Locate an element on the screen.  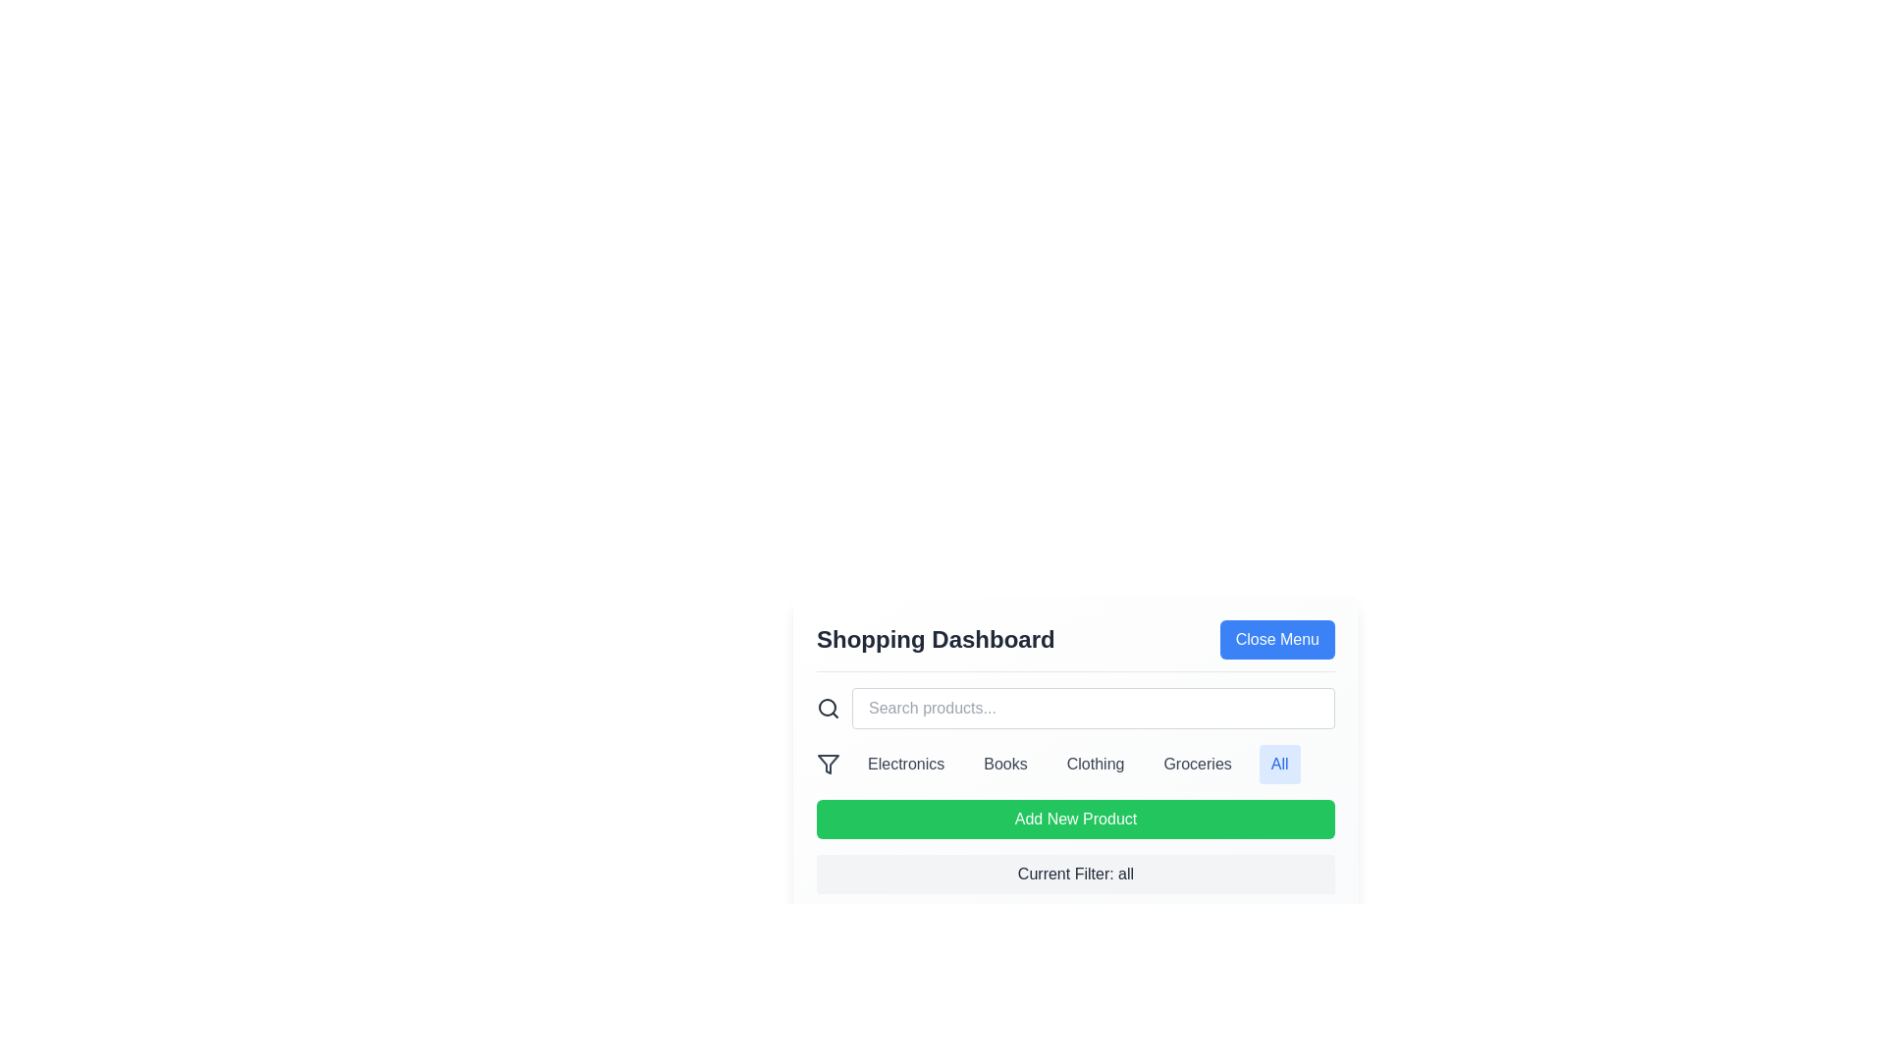
the 'Books' button, which is the second button in a horizontal list of category options is located at coordinates (1005, 764).